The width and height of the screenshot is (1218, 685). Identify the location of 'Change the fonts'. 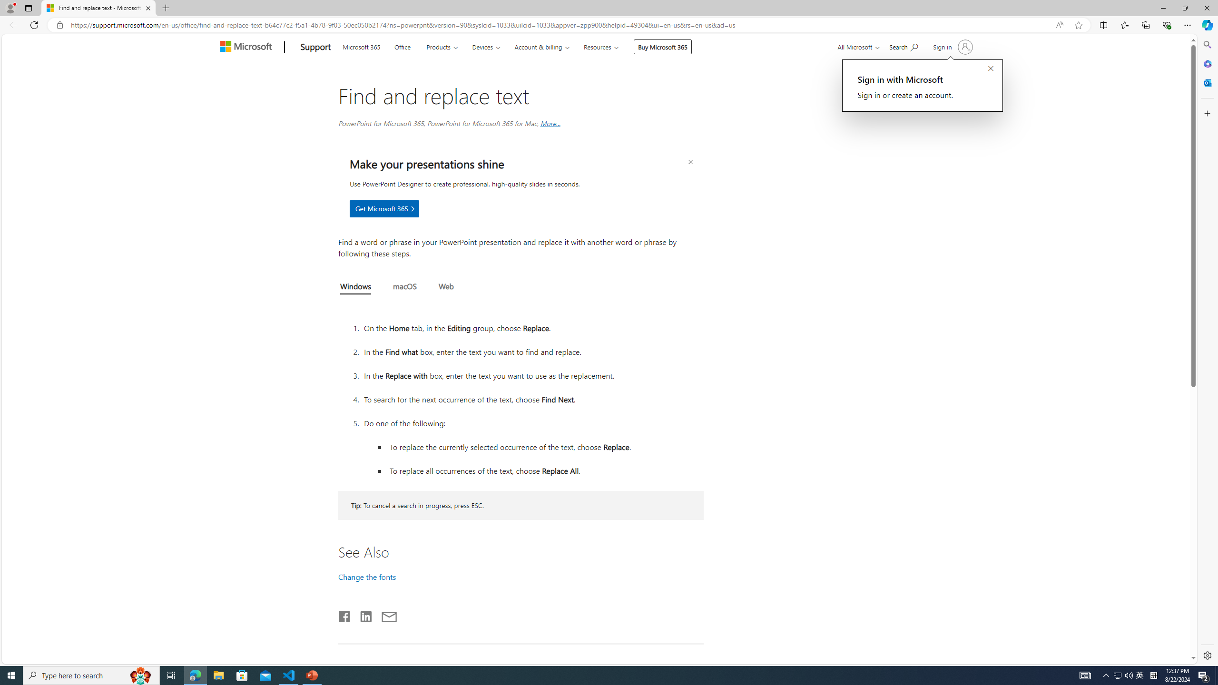
(366, 576).